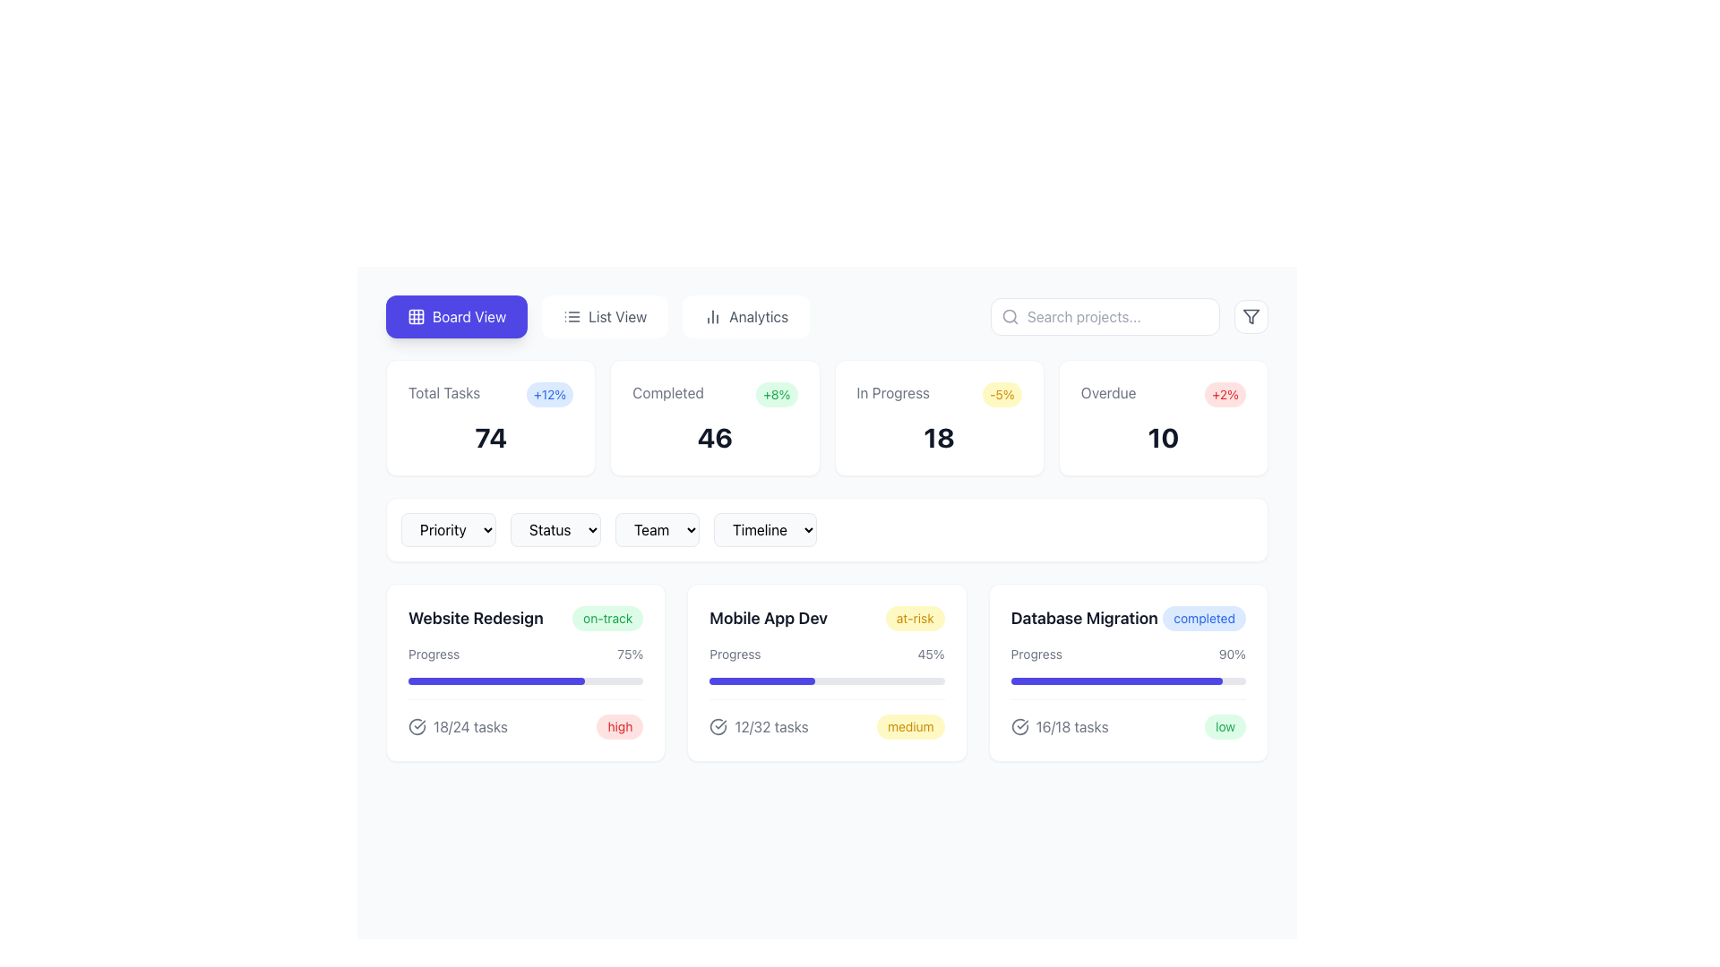 The width and height of the screenshot is (1720, 967). Describe the element at coordinates (938, 438) in the screenshot. I see `the card labeled 'In Progress -5%' that prominently displays the number '18' in bold, dark gray text at the center-bottom of the card` at that location.